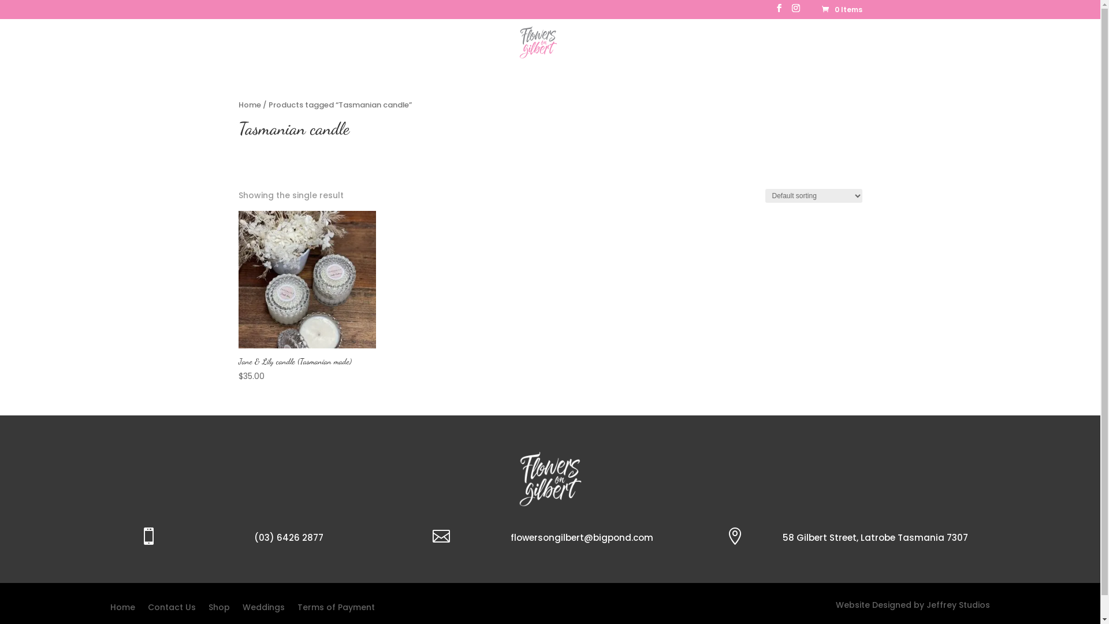  I want to click on 'Contact Us', so click(652, 51).